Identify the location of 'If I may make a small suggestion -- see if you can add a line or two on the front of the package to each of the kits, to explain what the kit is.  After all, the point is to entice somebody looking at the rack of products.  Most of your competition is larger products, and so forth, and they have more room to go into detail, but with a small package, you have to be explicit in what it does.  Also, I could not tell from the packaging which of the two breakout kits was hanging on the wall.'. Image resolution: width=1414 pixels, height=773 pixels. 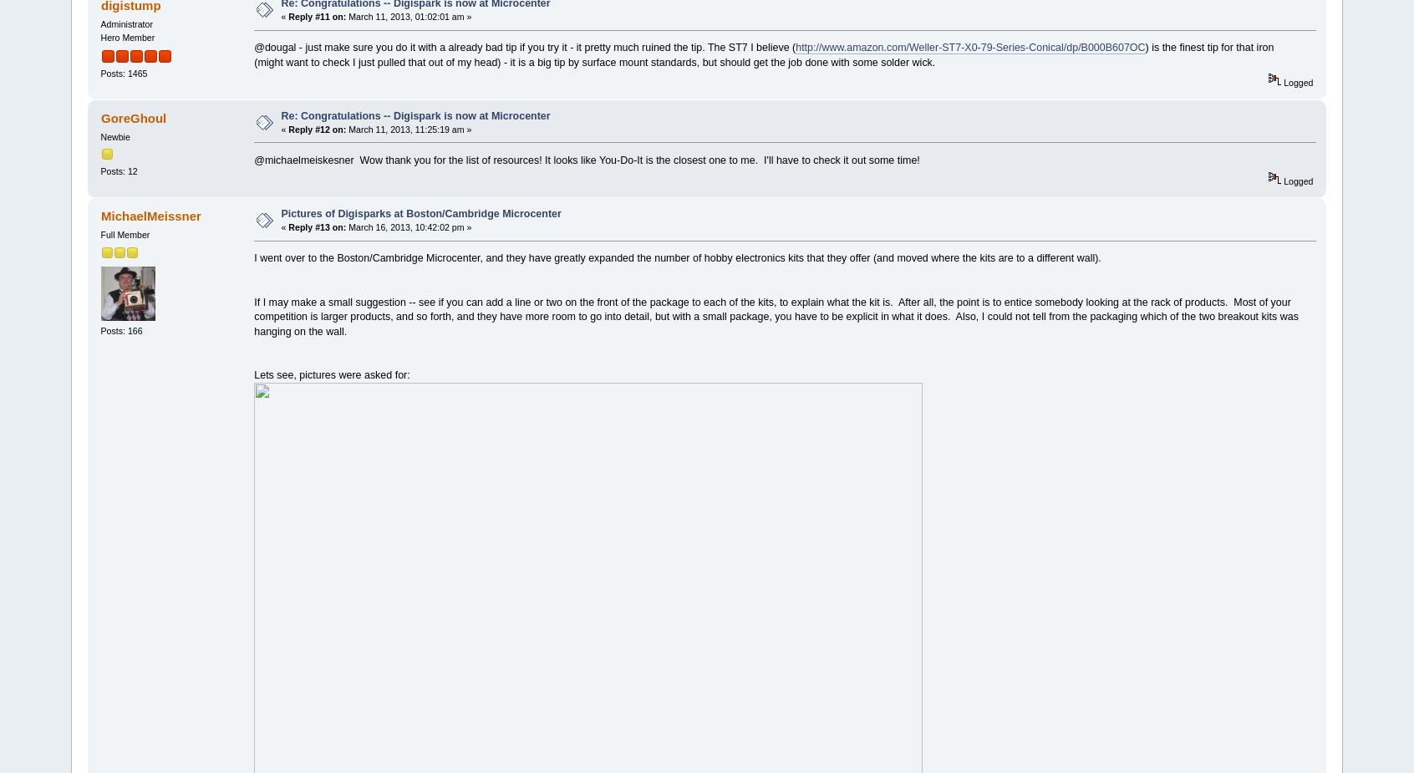
(776, 315).